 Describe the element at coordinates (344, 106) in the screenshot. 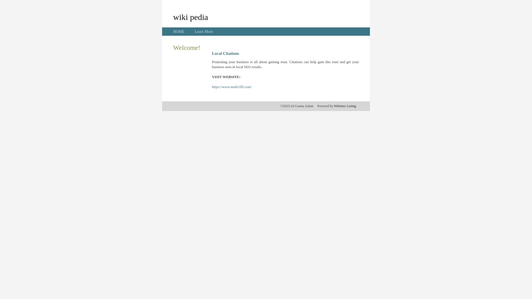

I see `'Websites Listing'` at that location.